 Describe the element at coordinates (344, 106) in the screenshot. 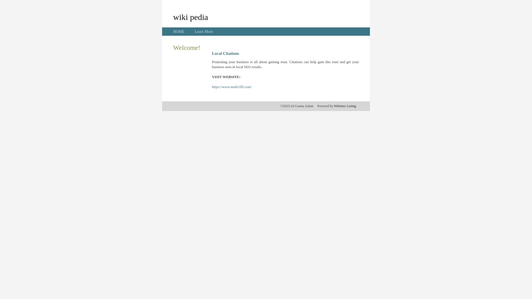

I see `'Websites Listing'` at that location.